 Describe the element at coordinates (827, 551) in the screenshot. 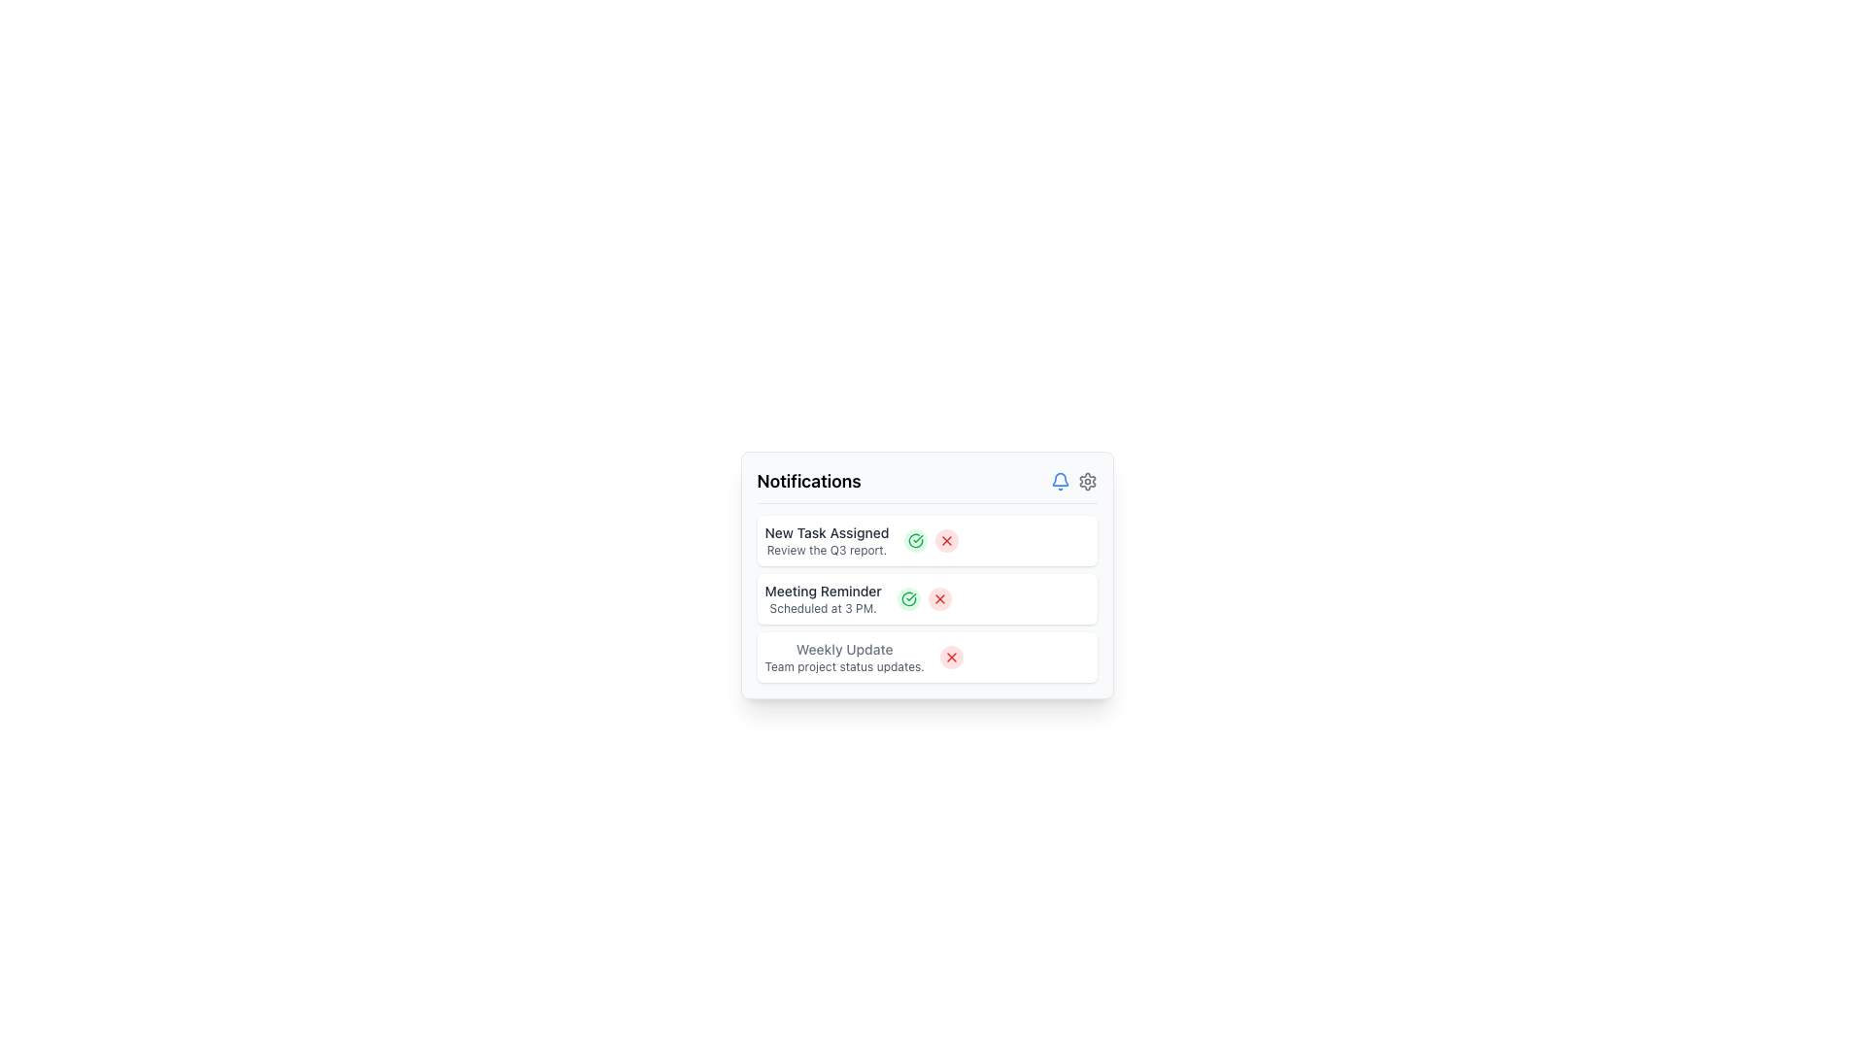

I see `the text label displaying 'Review the Q3 report.' located under the bold text 'New Task Assigned' within the notification card` at that location.